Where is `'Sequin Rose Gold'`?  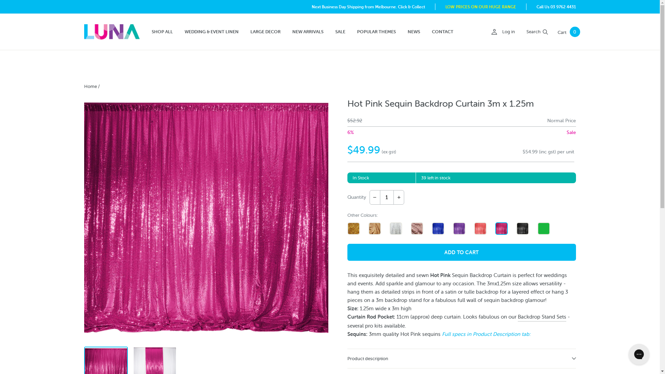
'Sequin Rose Gold' is located at coordinates (410, 228).